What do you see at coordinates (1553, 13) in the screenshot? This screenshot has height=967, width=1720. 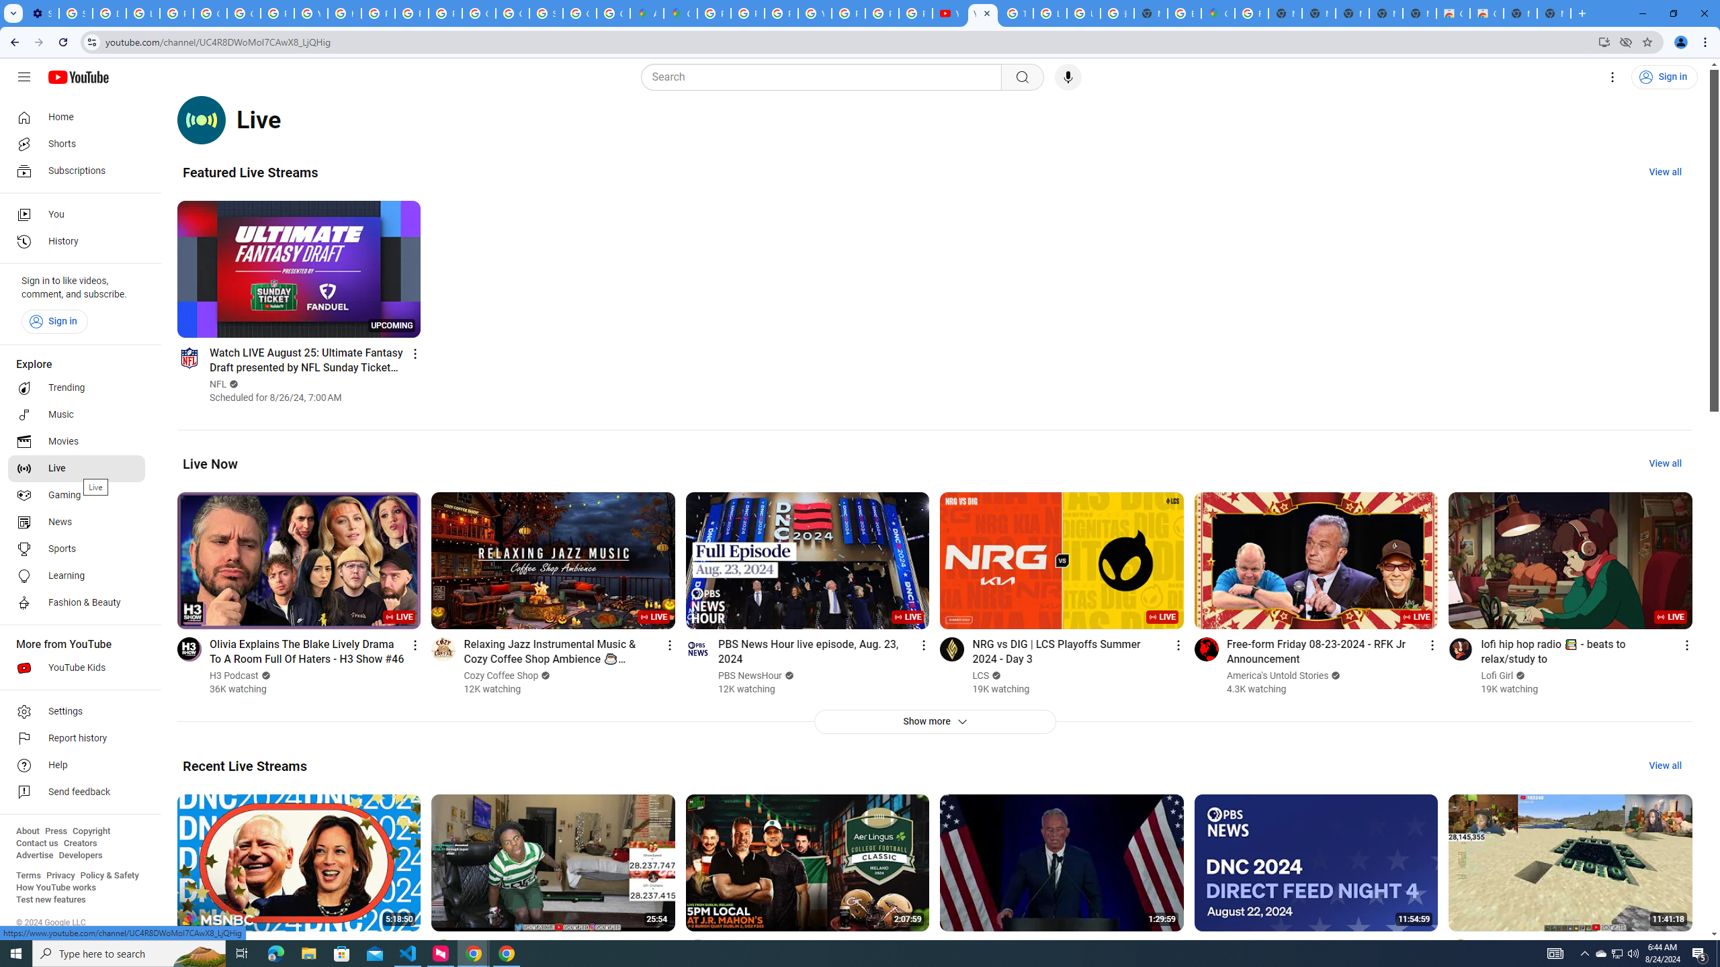 I see `'New Tab'` at bounding box center [1553, 13].